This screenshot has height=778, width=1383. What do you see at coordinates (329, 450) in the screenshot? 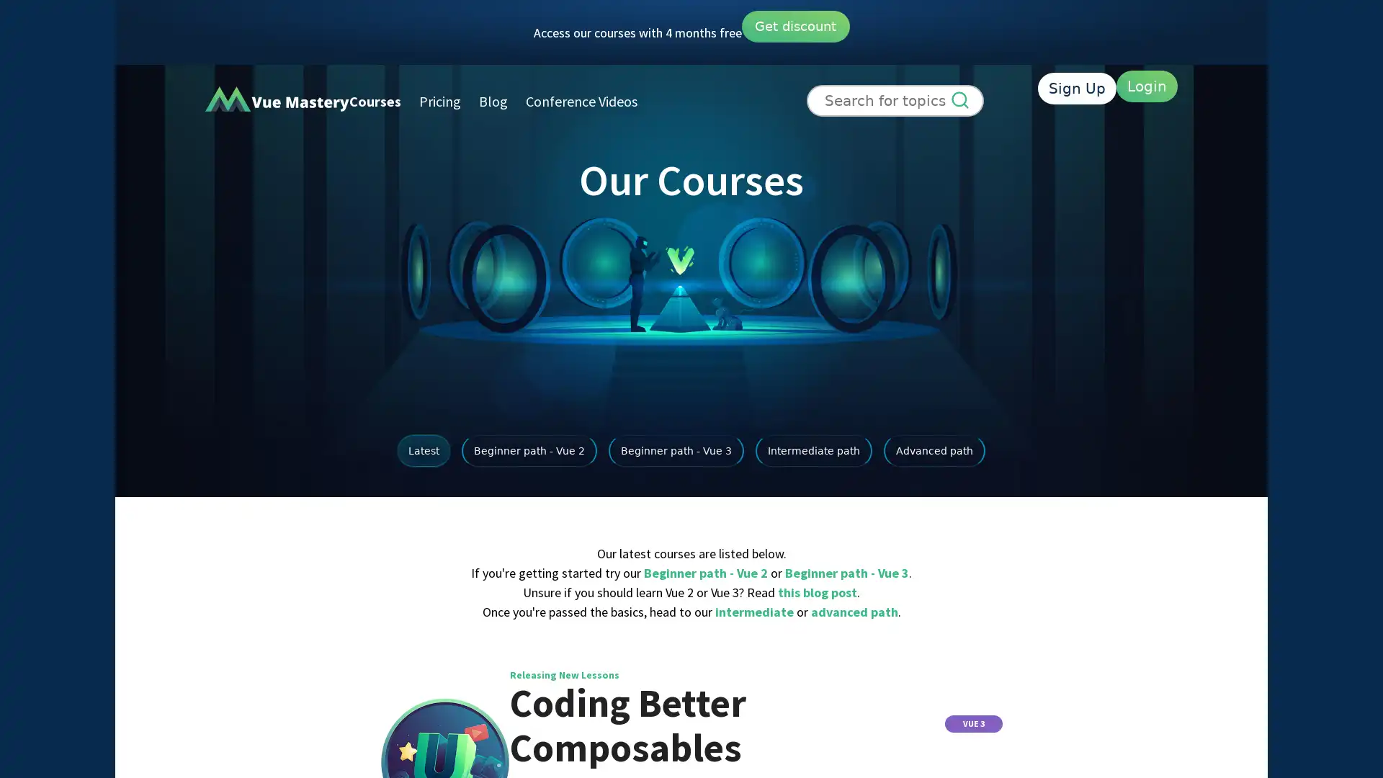
I see `Latest` at bounding box center [329, 450].